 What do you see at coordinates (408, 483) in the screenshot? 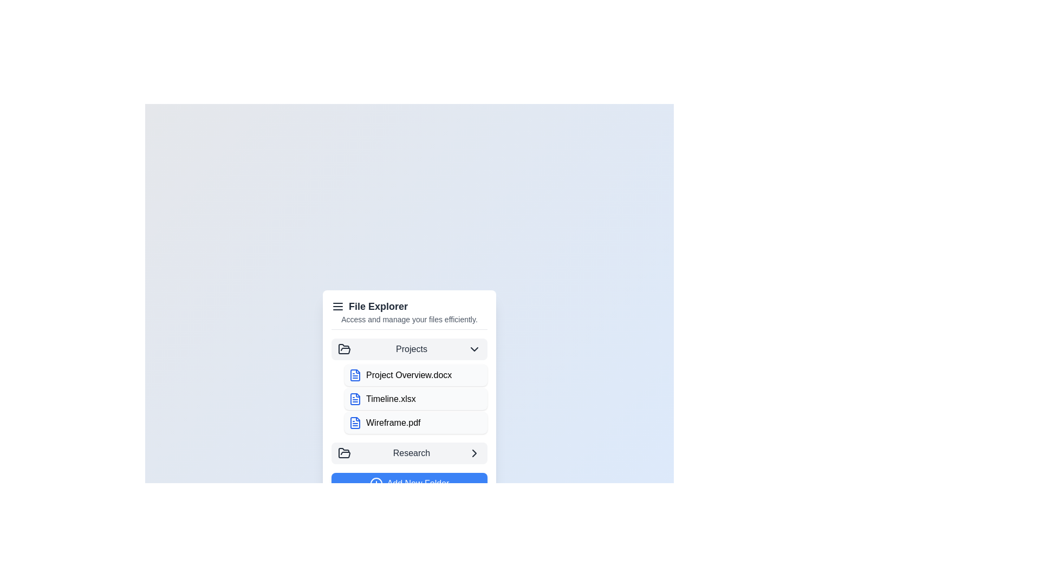
I see `the 'Add New Folder' button` at bounding box center [408, 483].